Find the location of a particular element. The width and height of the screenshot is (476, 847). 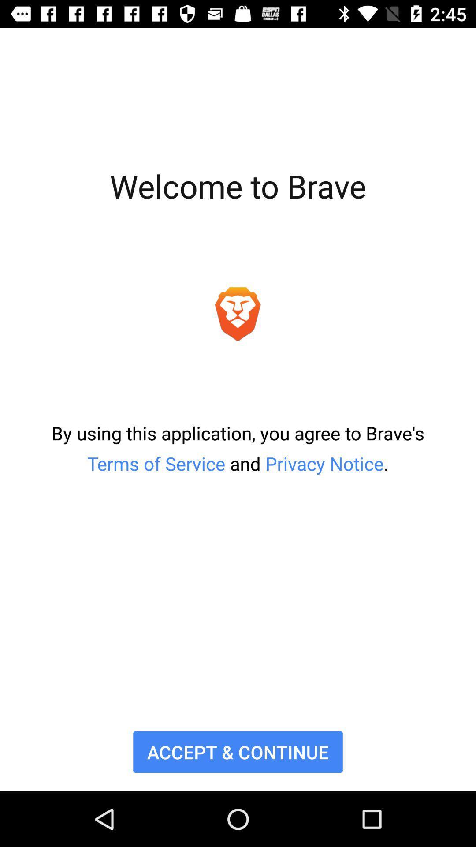

accept & continue item is located at coordinates (238, 751).